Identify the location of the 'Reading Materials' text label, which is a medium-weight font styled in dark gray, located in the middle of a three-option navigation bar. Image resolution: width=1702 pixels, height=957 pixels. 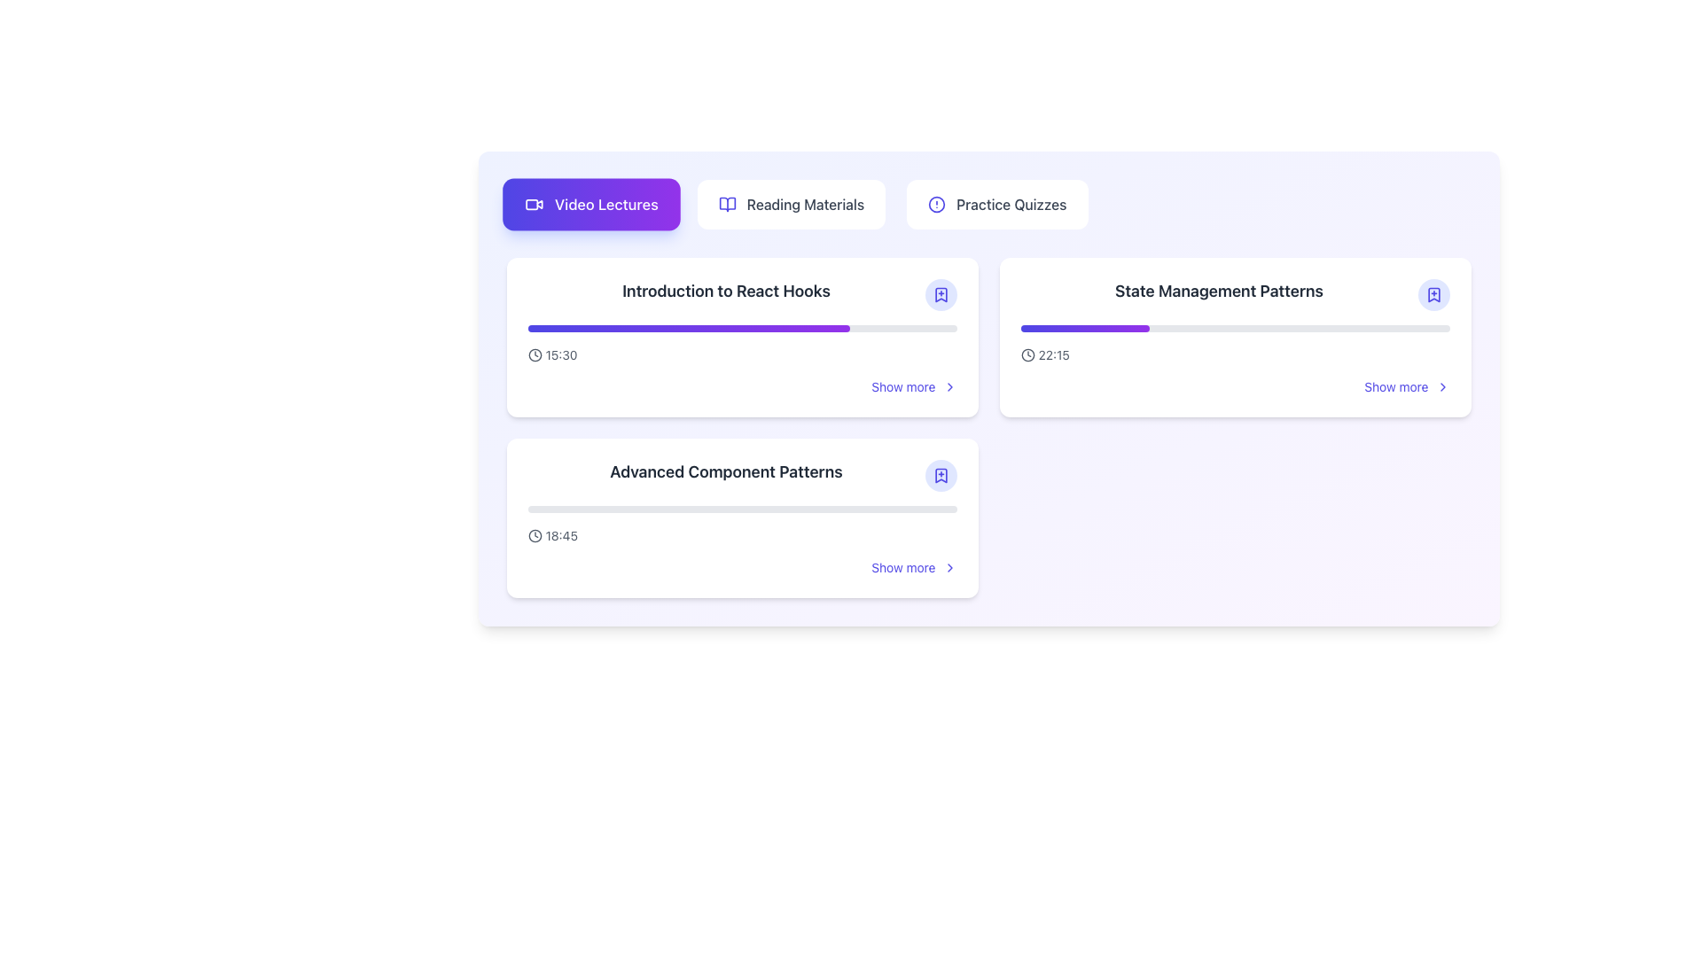
(804, 204).